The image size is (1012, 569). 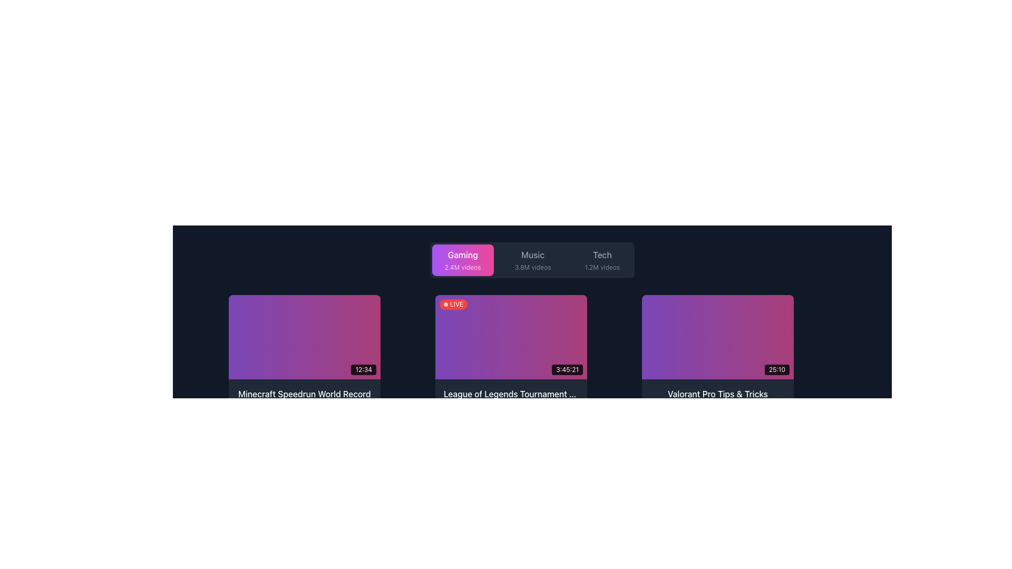 What do you see at coordinates (717, 394) in the screenshot?
I see `the static text label that displays the title or description of a video, located at the bottom-center of the video card` at bounding box center [717, 394].